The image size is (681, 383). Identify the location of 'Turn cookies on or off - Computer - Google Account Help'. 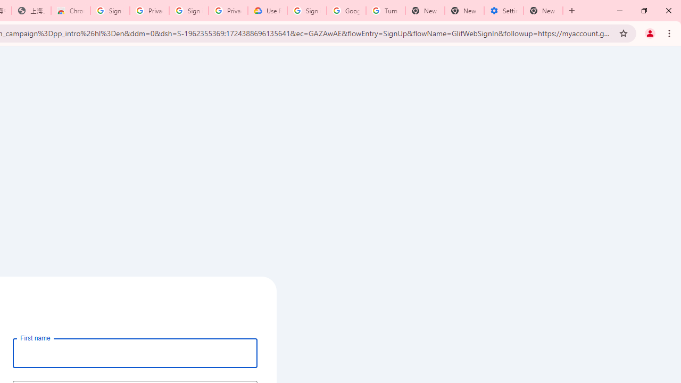
(385, 11).